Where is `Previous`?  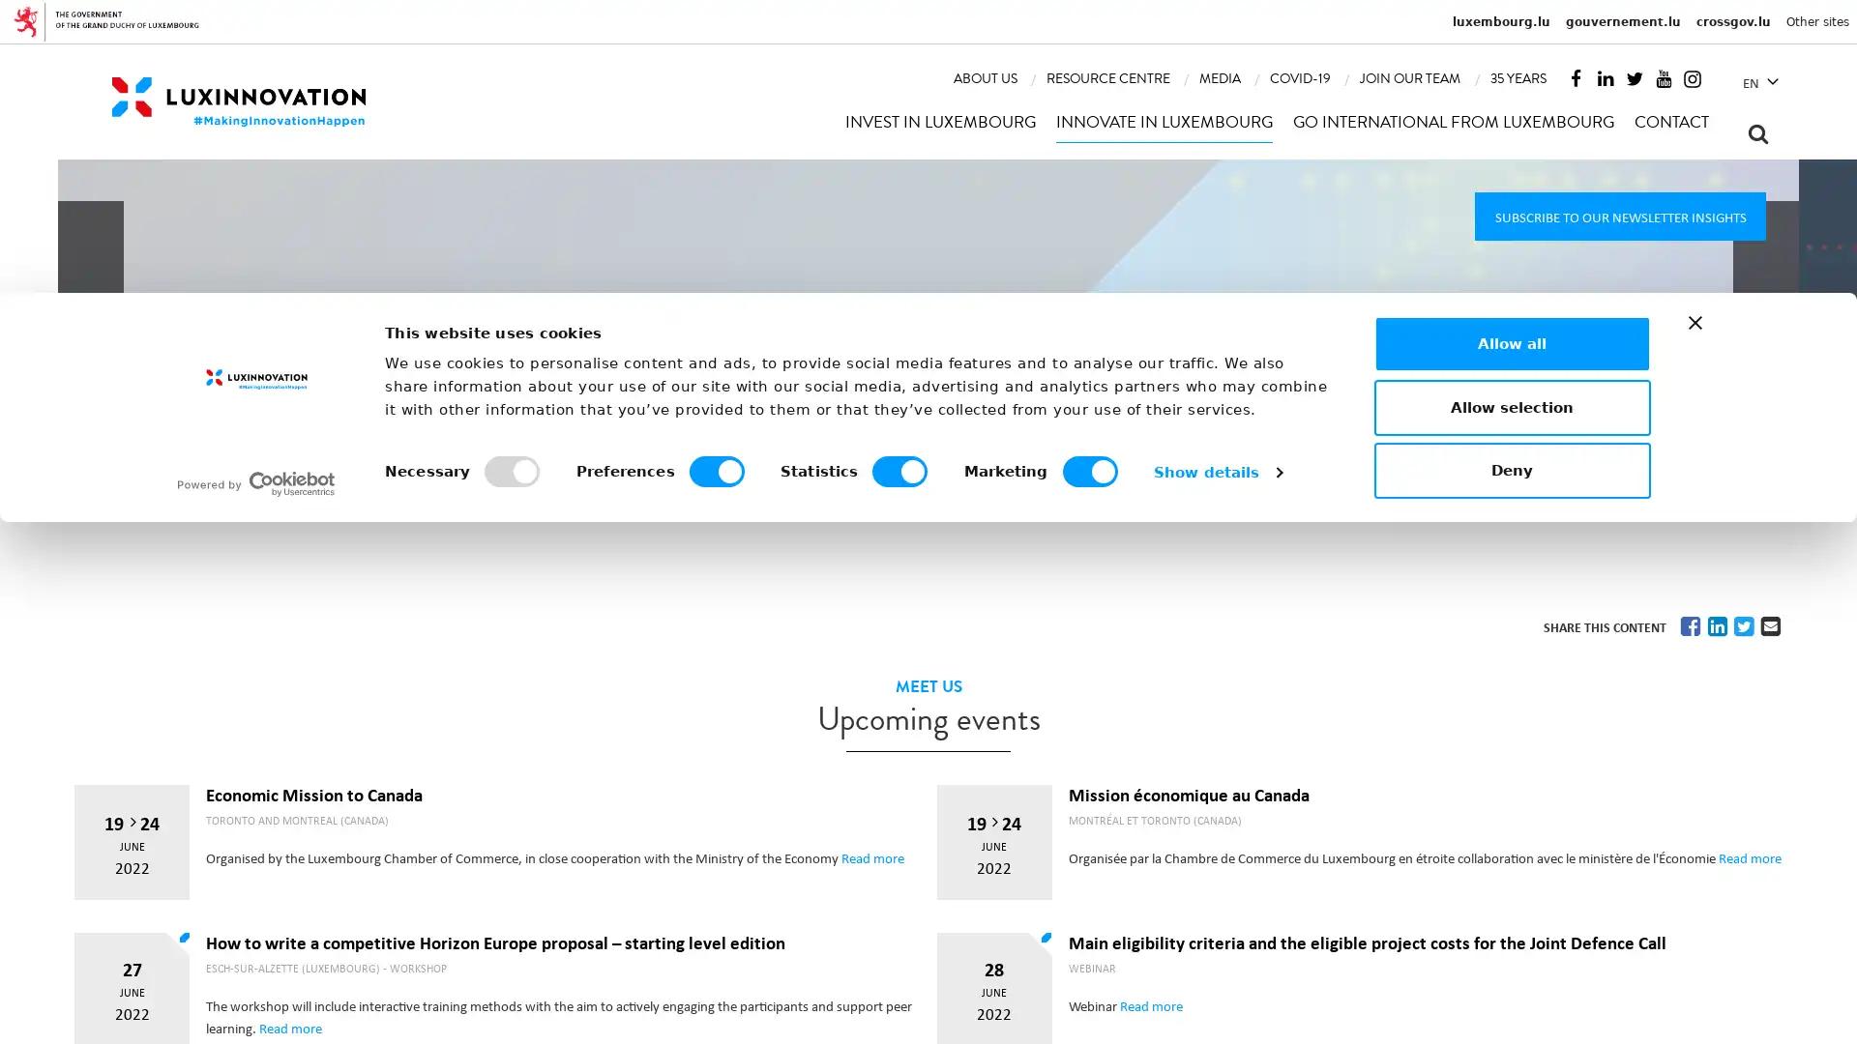
Previous is located at coordinates (90, 316).